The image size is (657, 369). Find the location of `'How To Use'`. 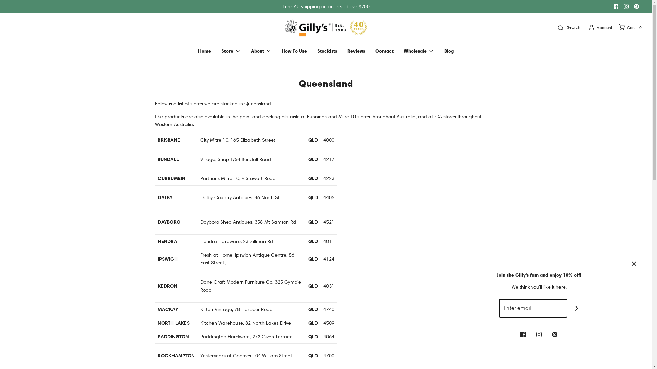

'How To Use' is located at coordinates (281, 51).